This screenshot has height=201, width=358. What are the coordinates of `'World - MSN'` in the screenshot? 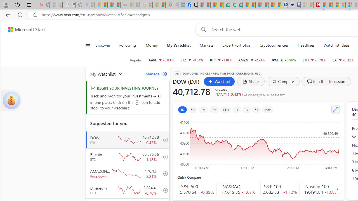 It's located at (213, 5).